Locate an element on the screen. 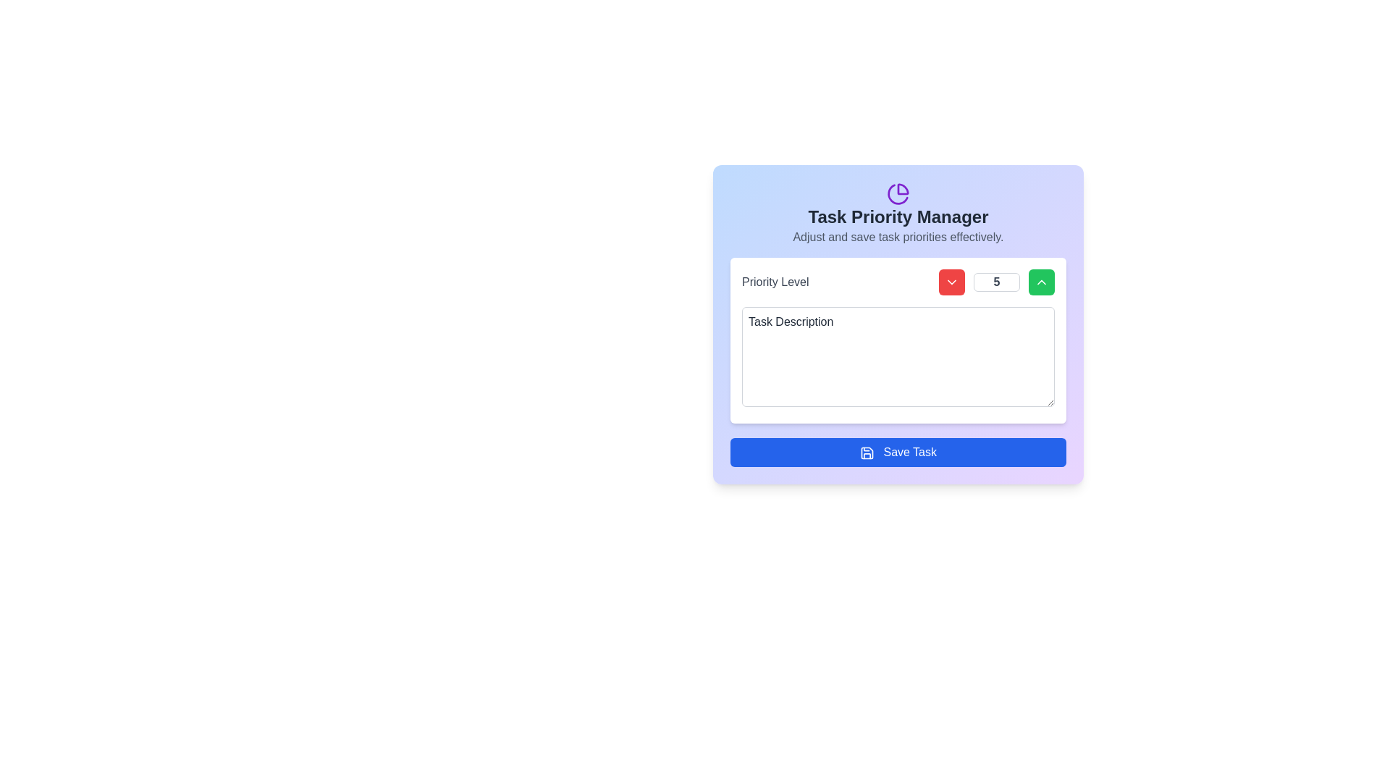  the downward-pointing chevron icon on the red background is located at coordinates (952, 282).